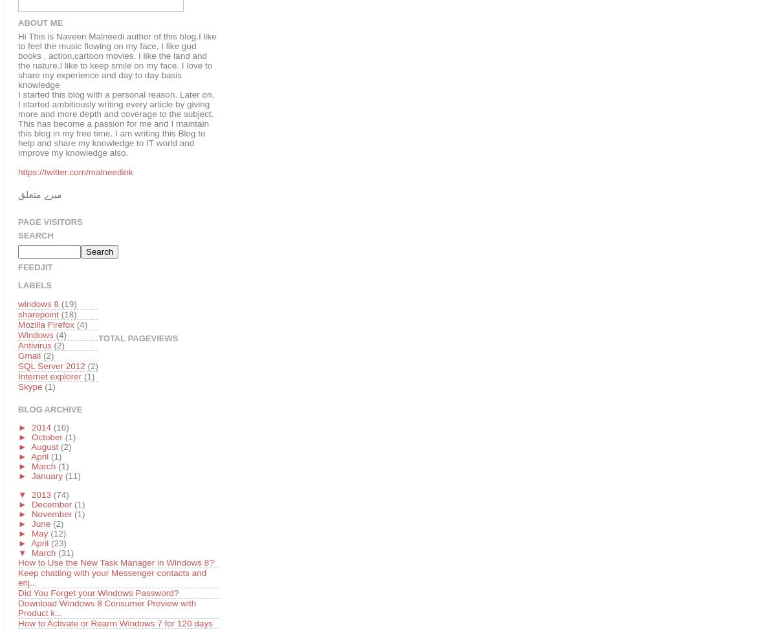  I want to click on 'Hi This is Naveen Malneedi author of this blog.I like to feel the music flowing on my face, I like gud books ,  action,cartoon movies. I like the land and the nature.I like to keep smile on my face. I love to share my experience and day to day basis knowledge', so click(116, 59).